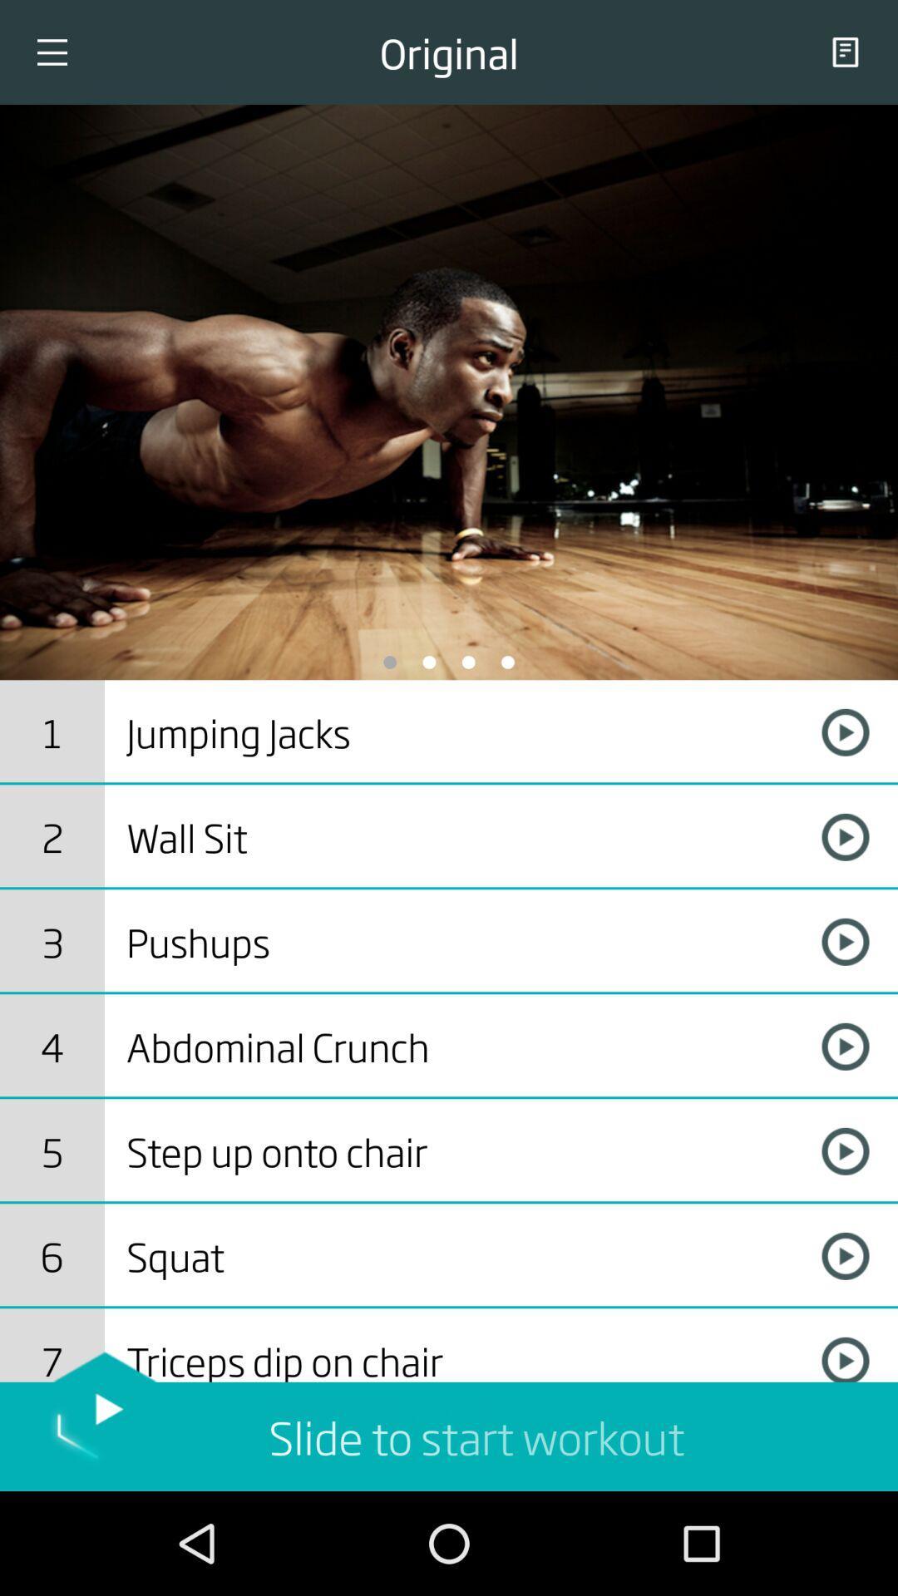 This screenshot has height=1596, width=898. I want to click on the menu icon, so click(51, 52).